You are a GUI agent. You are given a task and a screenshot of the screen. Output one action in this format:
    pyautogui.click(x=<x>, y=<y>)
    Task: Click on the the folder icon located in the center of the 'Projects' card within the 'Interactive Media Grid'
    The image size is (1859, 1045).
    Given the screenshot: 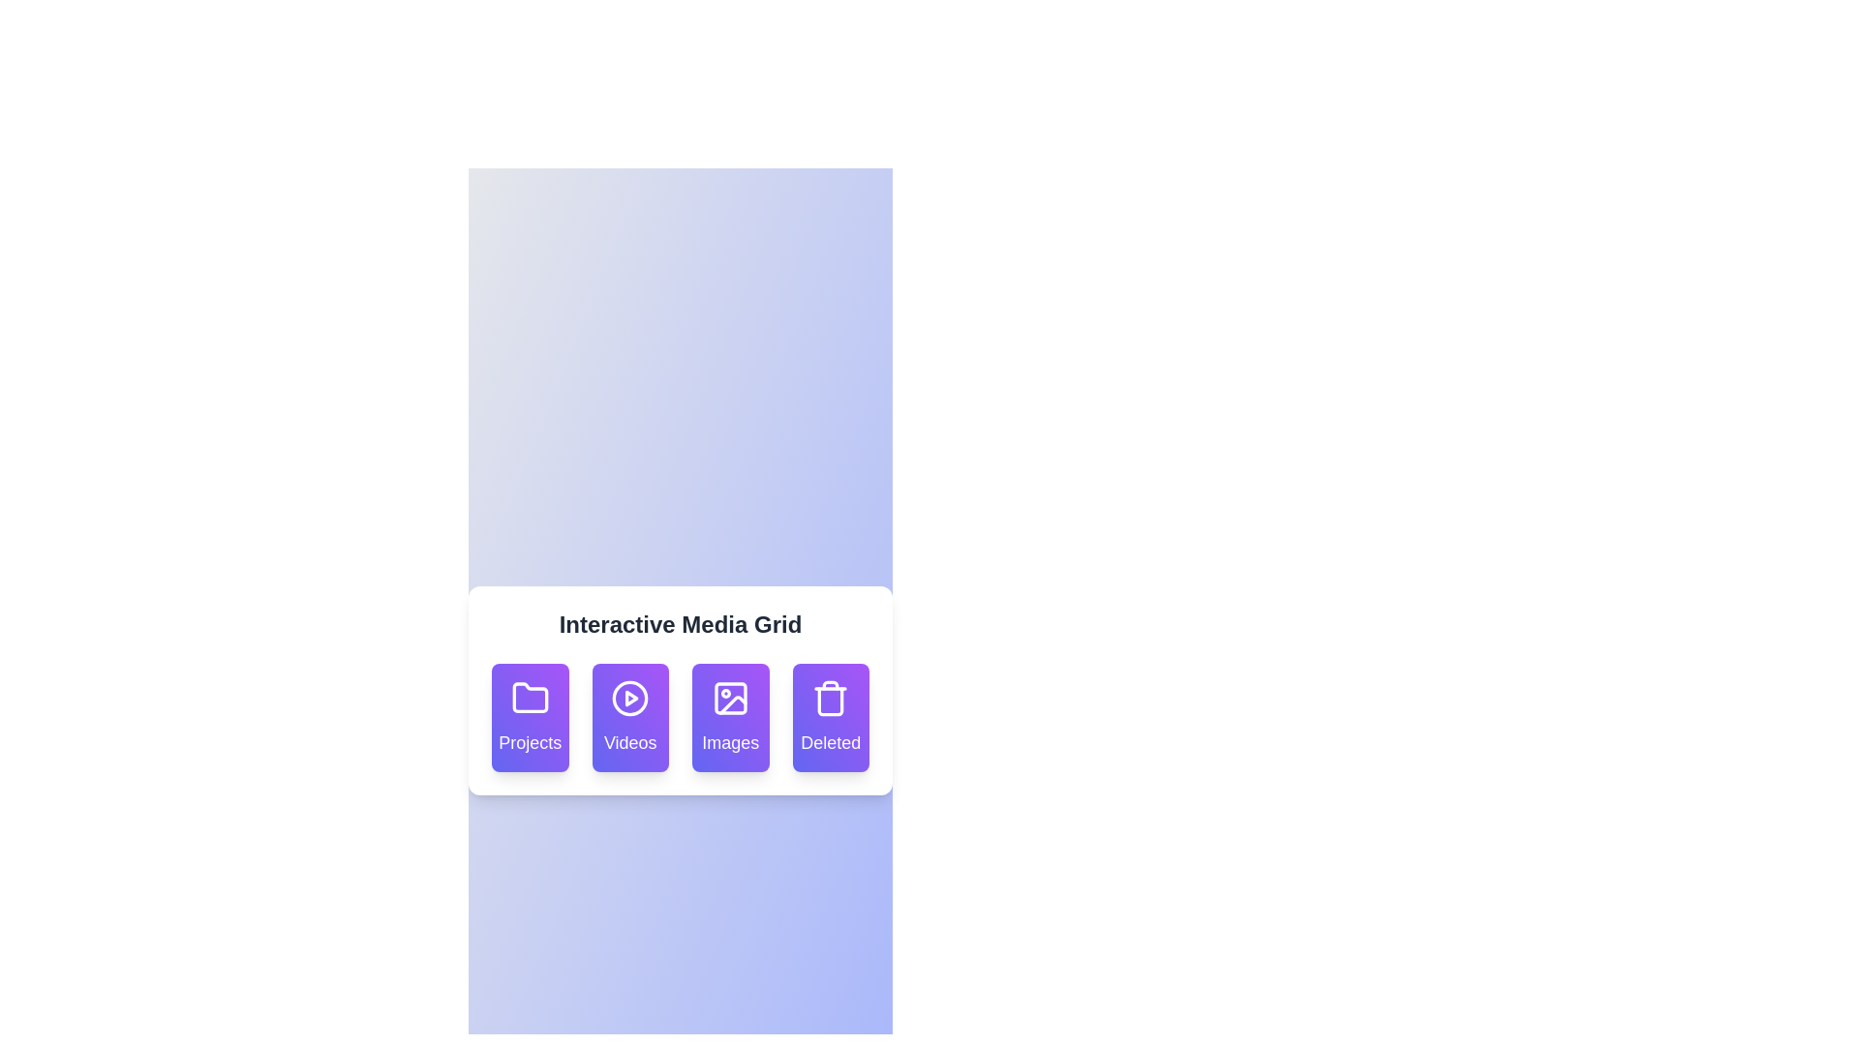 What is the action you would take?
    pyautogui.click(x=530, y=698)
    